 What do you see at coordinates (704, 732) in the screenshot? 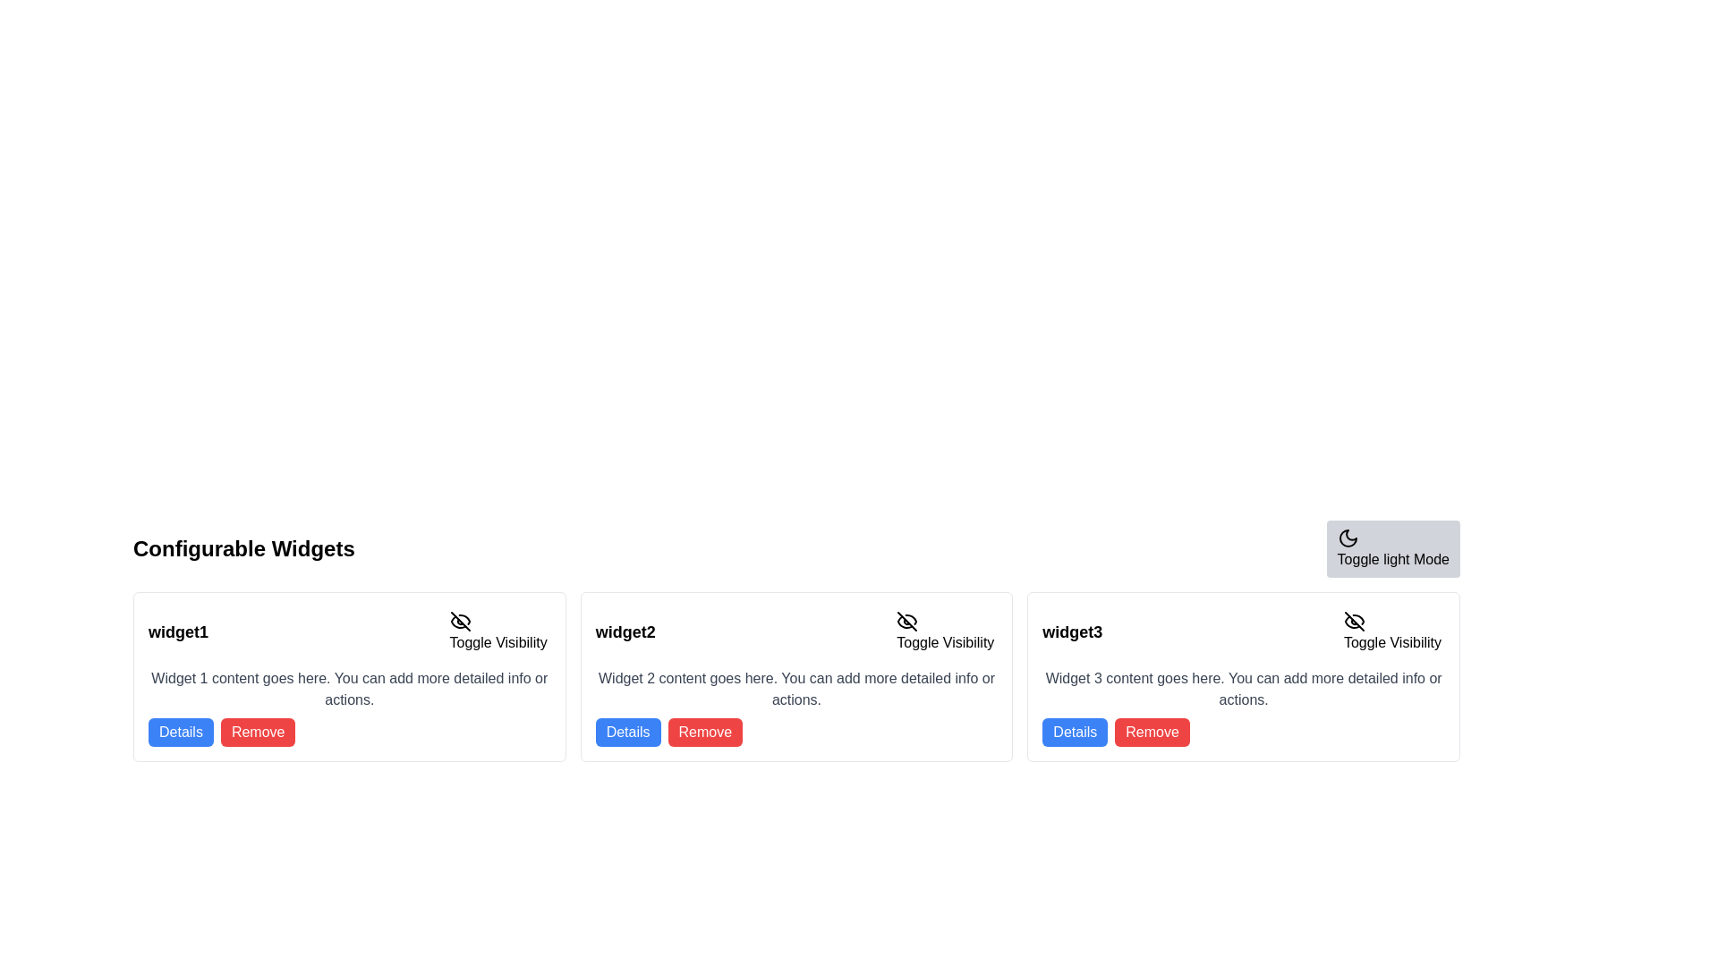
I see `the red 'Remove' button with white text, which is pill-shaped and located directly to the right of the 'Details' button within the 'widget2' card` at bounding box center [704, 732].